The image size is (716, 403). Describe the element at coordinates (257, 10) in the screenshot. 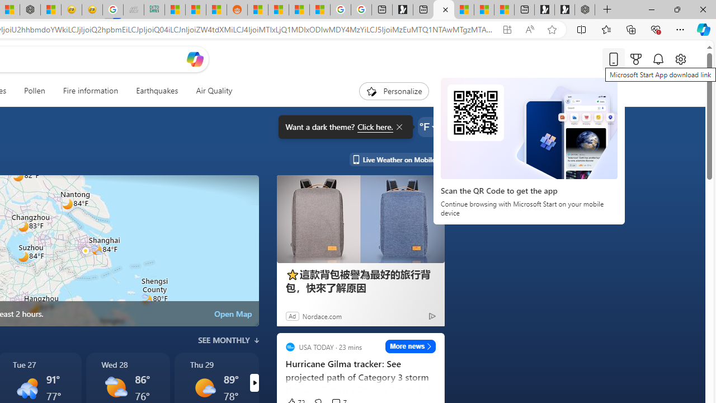

I see `'R******* | Trusted Community Engagement and Contributions'` at that location.